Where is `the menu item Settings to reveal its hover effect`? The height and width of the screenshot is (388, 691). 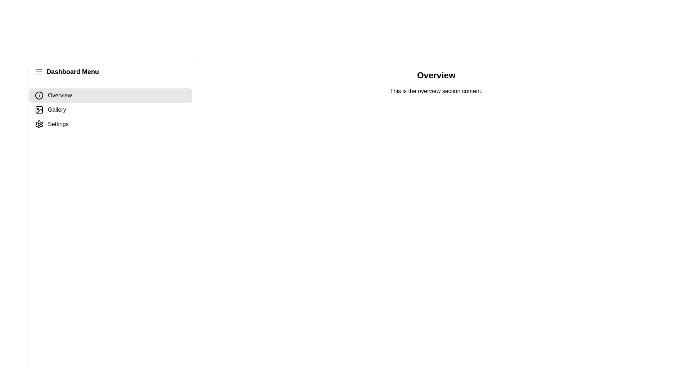 the menu item Settings to reveal its hover effect is located at coordinates (110, 124).